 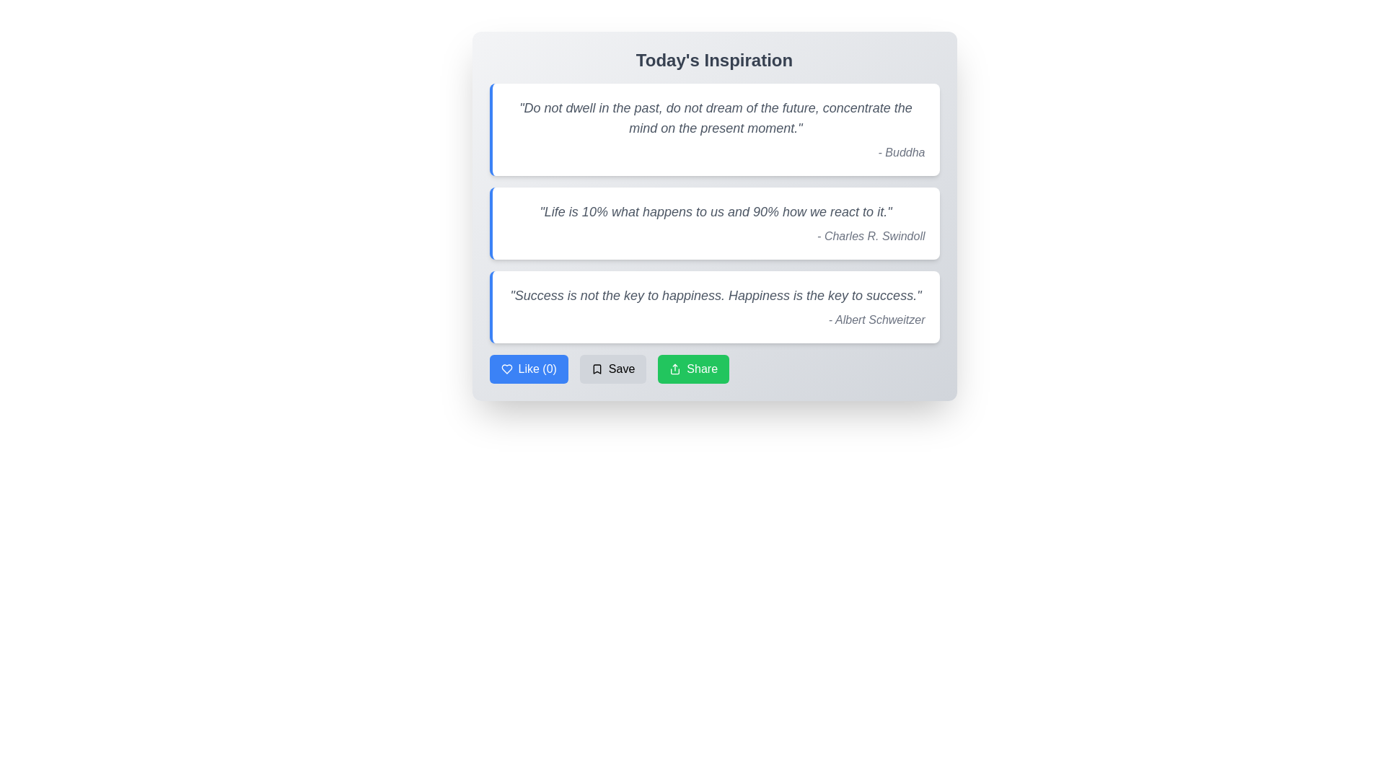 I want to click on the blue rectangular button labeled 'Like (0)' which features a white heart icon on its left, so click(x=528, y=369).